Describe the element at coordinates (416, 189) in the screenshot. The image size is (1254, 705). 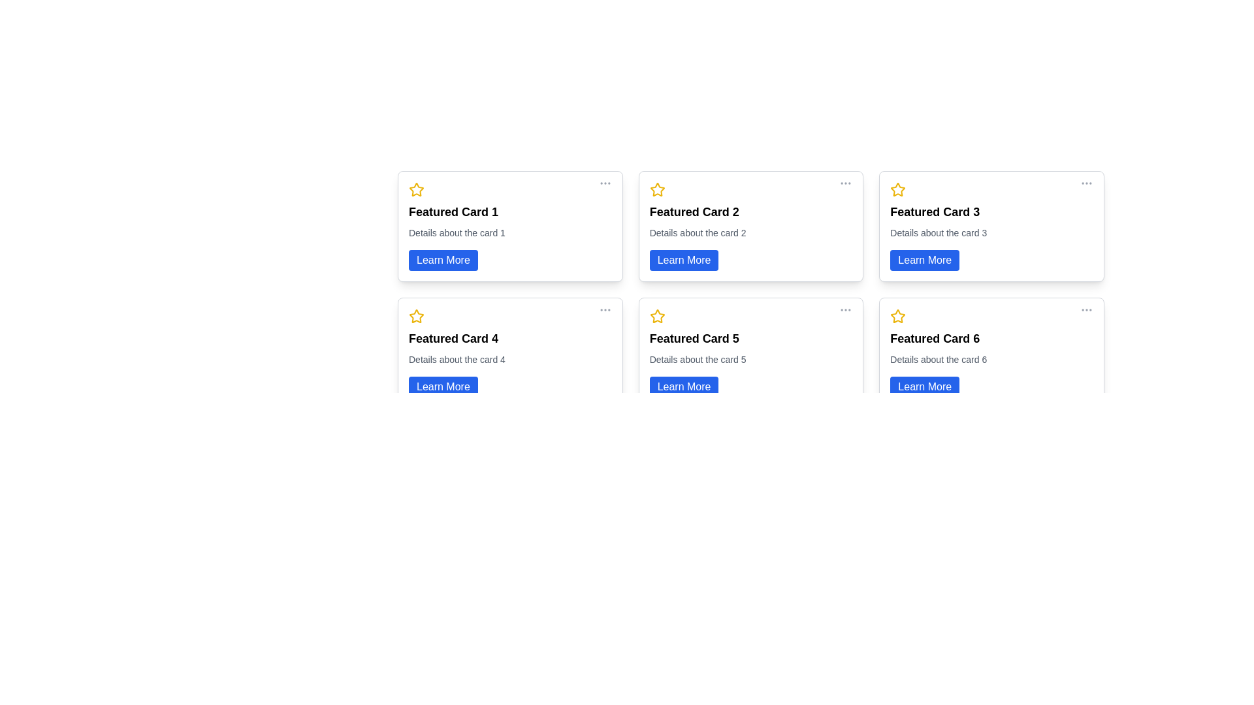
I see `the decorative star icon located at the top-left corner of the 'Featured Card 1', which indicates a featured status` at that location.